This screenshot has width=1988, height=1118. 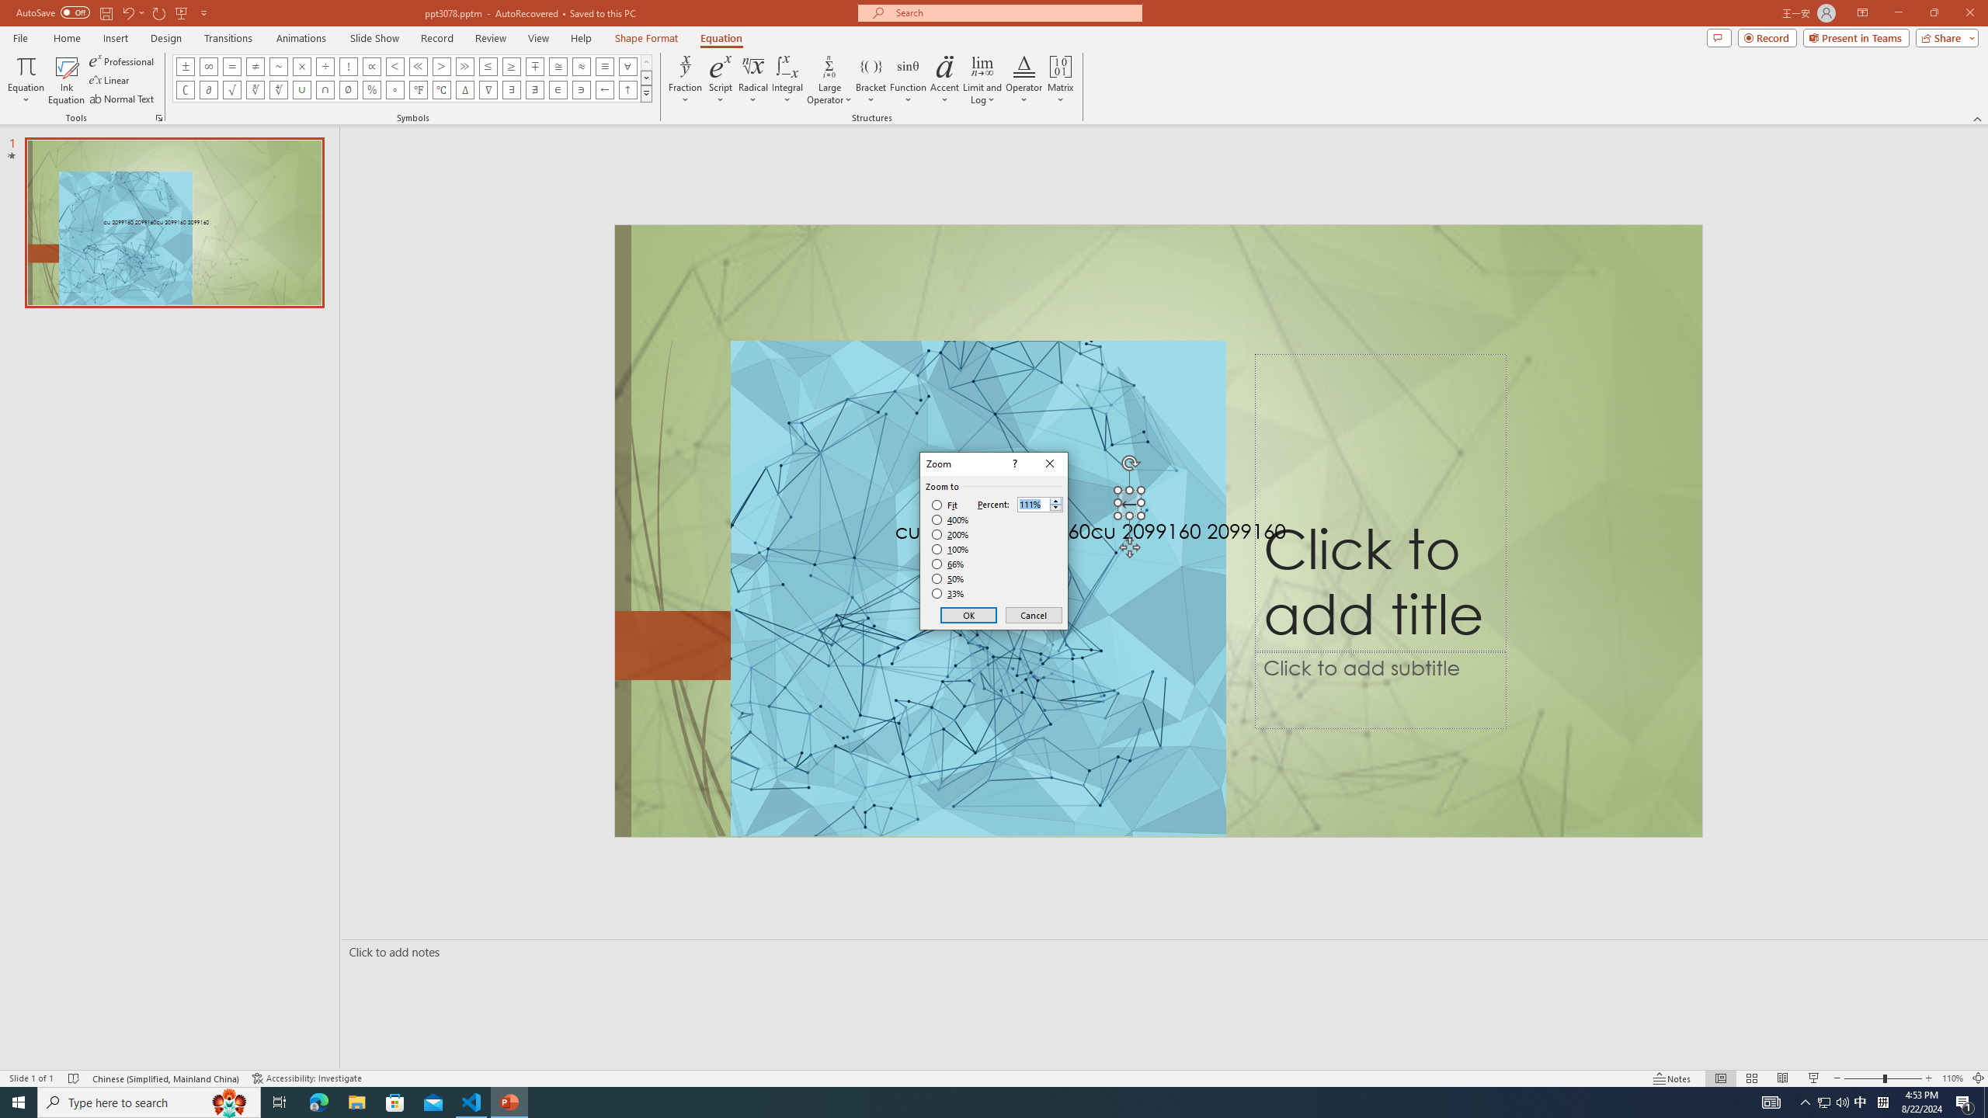 I want to click on '100%', so click(x=950, y=548).